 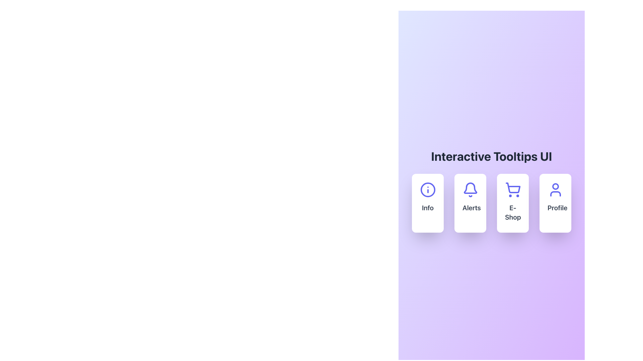 What do you see at coordinates (556, 190) in the screenshot?
I see `the user profile icon located in the rightmost box below the 'Profile' label` at bounding box center [556, 190].